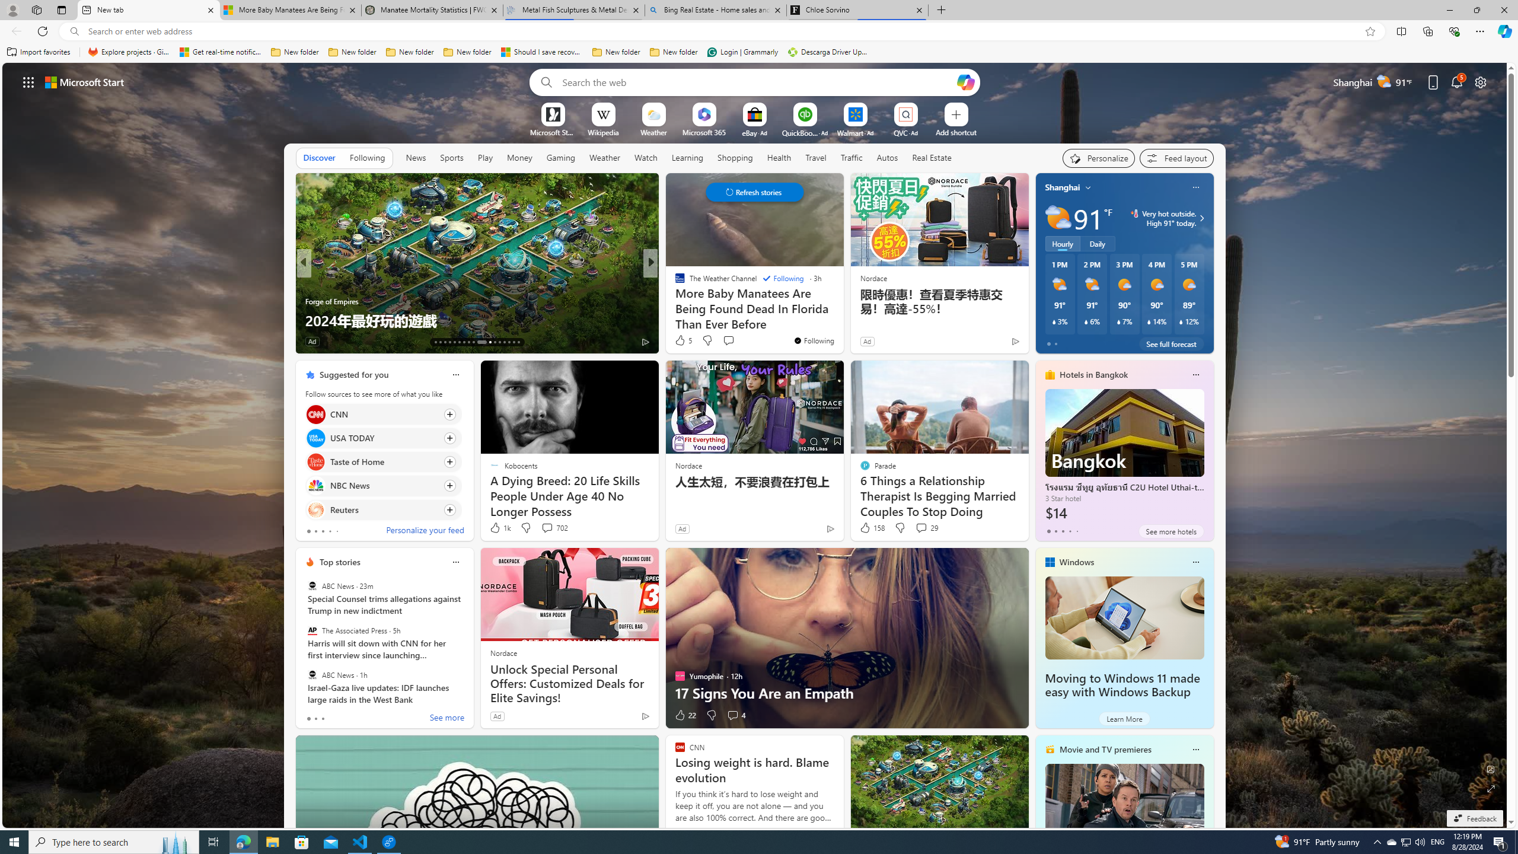 This screenshot has height=854, width=1518. What do you see at coordinates (445, 342) in the screenshot?
I see `'AutomationID: tab-15'` at bounding box center [445, 342].